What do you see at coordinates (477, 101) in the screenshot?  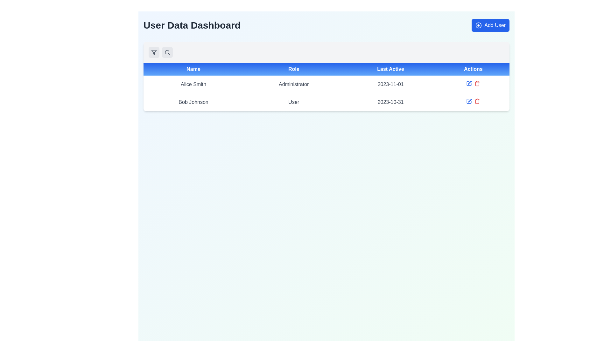 I see `the delete icon button located in the 'Actions' column of the user data table` at bounding box center [477, 101].